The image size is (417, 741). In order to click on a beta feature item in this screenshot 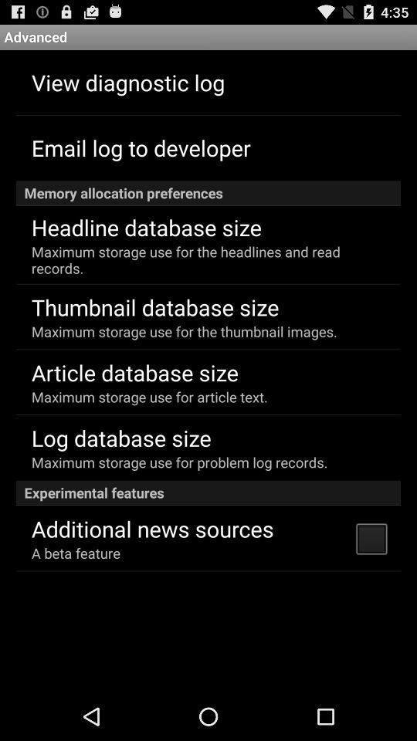, I will do `click(75, 553)`.